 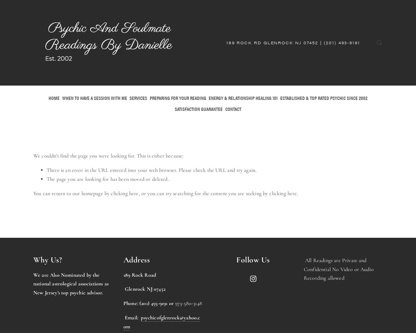 I want to click on 'We are Also Nominated by the national astrological associations as New Jersey's top psychic advisor.', so click(x=70, y=283).